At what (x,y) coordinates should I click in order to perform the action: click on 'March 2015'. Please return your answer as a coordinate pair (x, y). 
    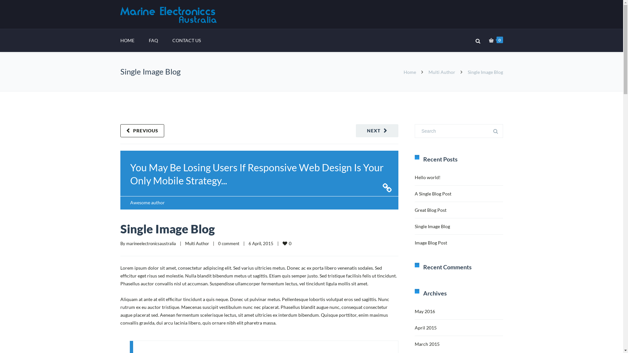
    Looking at the image, I should click on (427, 344).